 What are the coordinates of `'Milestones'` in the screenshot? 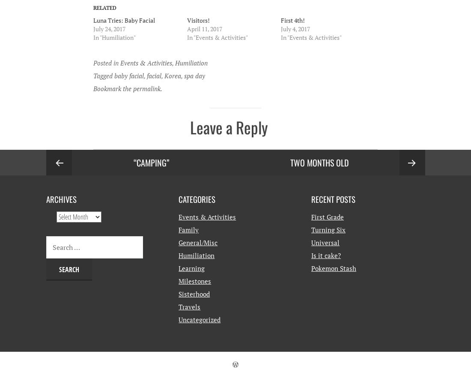 It's located at (194, 281).